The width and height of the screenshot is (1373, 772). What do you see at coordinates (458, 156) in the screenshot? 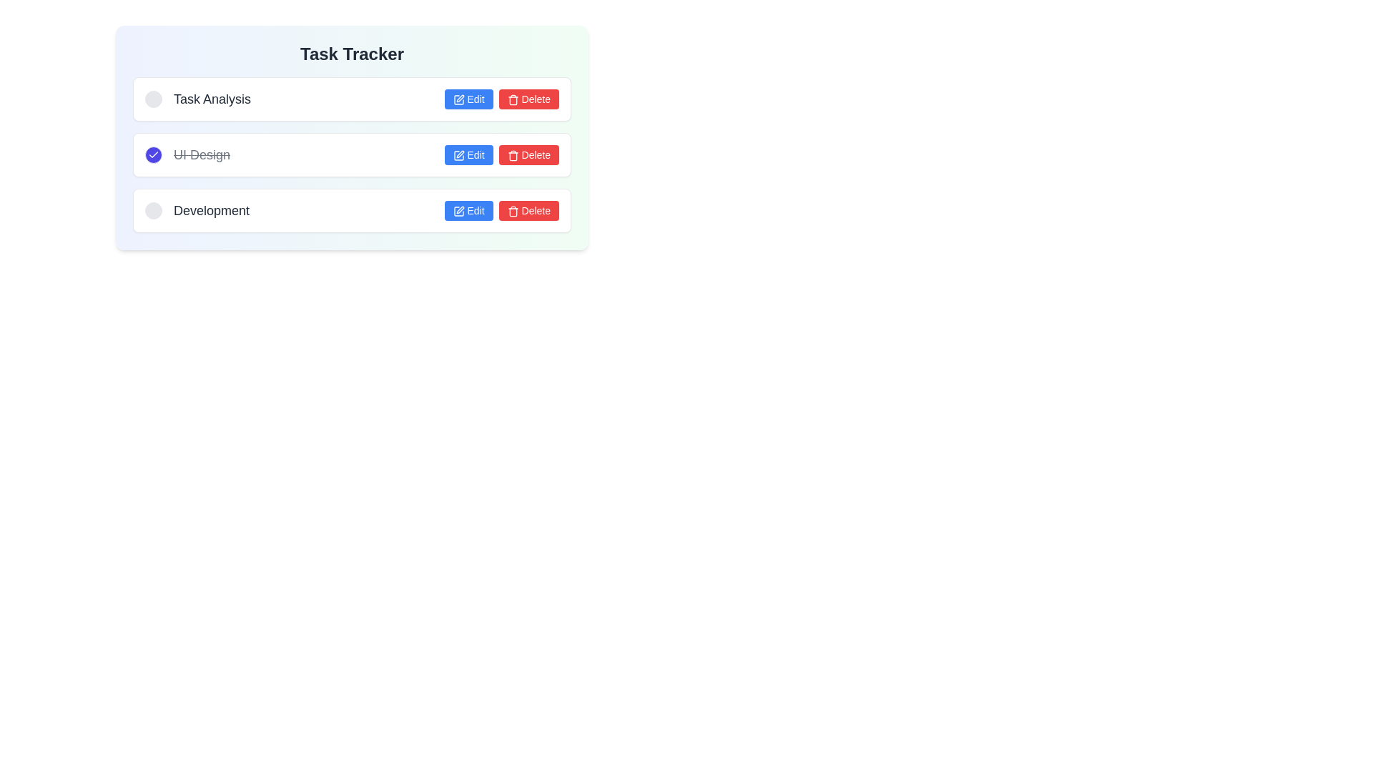
I see `the 'Edit' button which contains a blue pen icon, located in the second row of the task list next to the 'UI Design' entry` at bounding box center [458, 156].